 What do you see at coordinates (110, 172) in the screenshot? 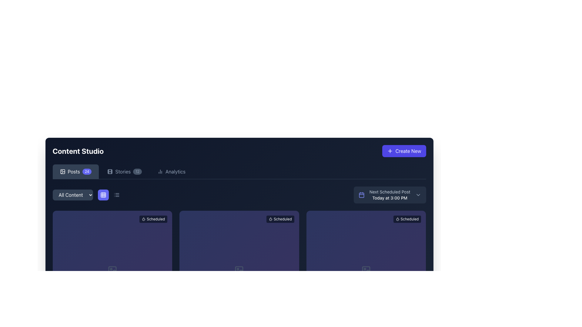
I see `the film-related icon within the 'Stories' button located on the top navigation bar, which is the leftmost component of the button, preceding the 'Stories' label text and the numeric badge '12'` at bounding box center [110, 172].